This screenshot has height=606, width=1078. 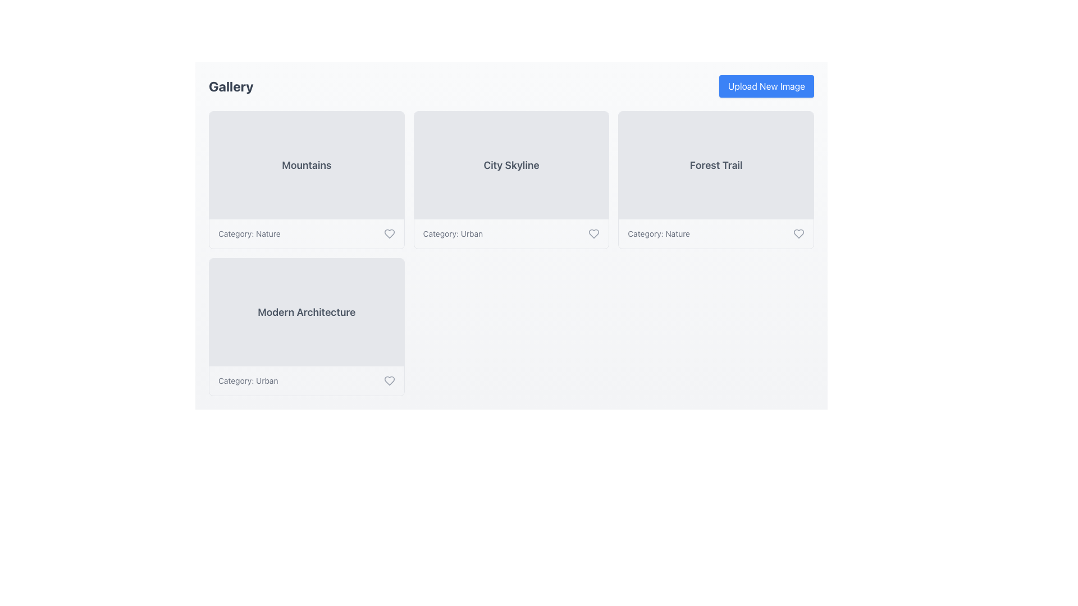 What do you see at coordinates (798, 233) in the screenshot?
I see `the heart-shaped icon button located at the bottom-right corner of the 'Forest Trail' card to mark it as favorite` at bounding box center [798, 233].